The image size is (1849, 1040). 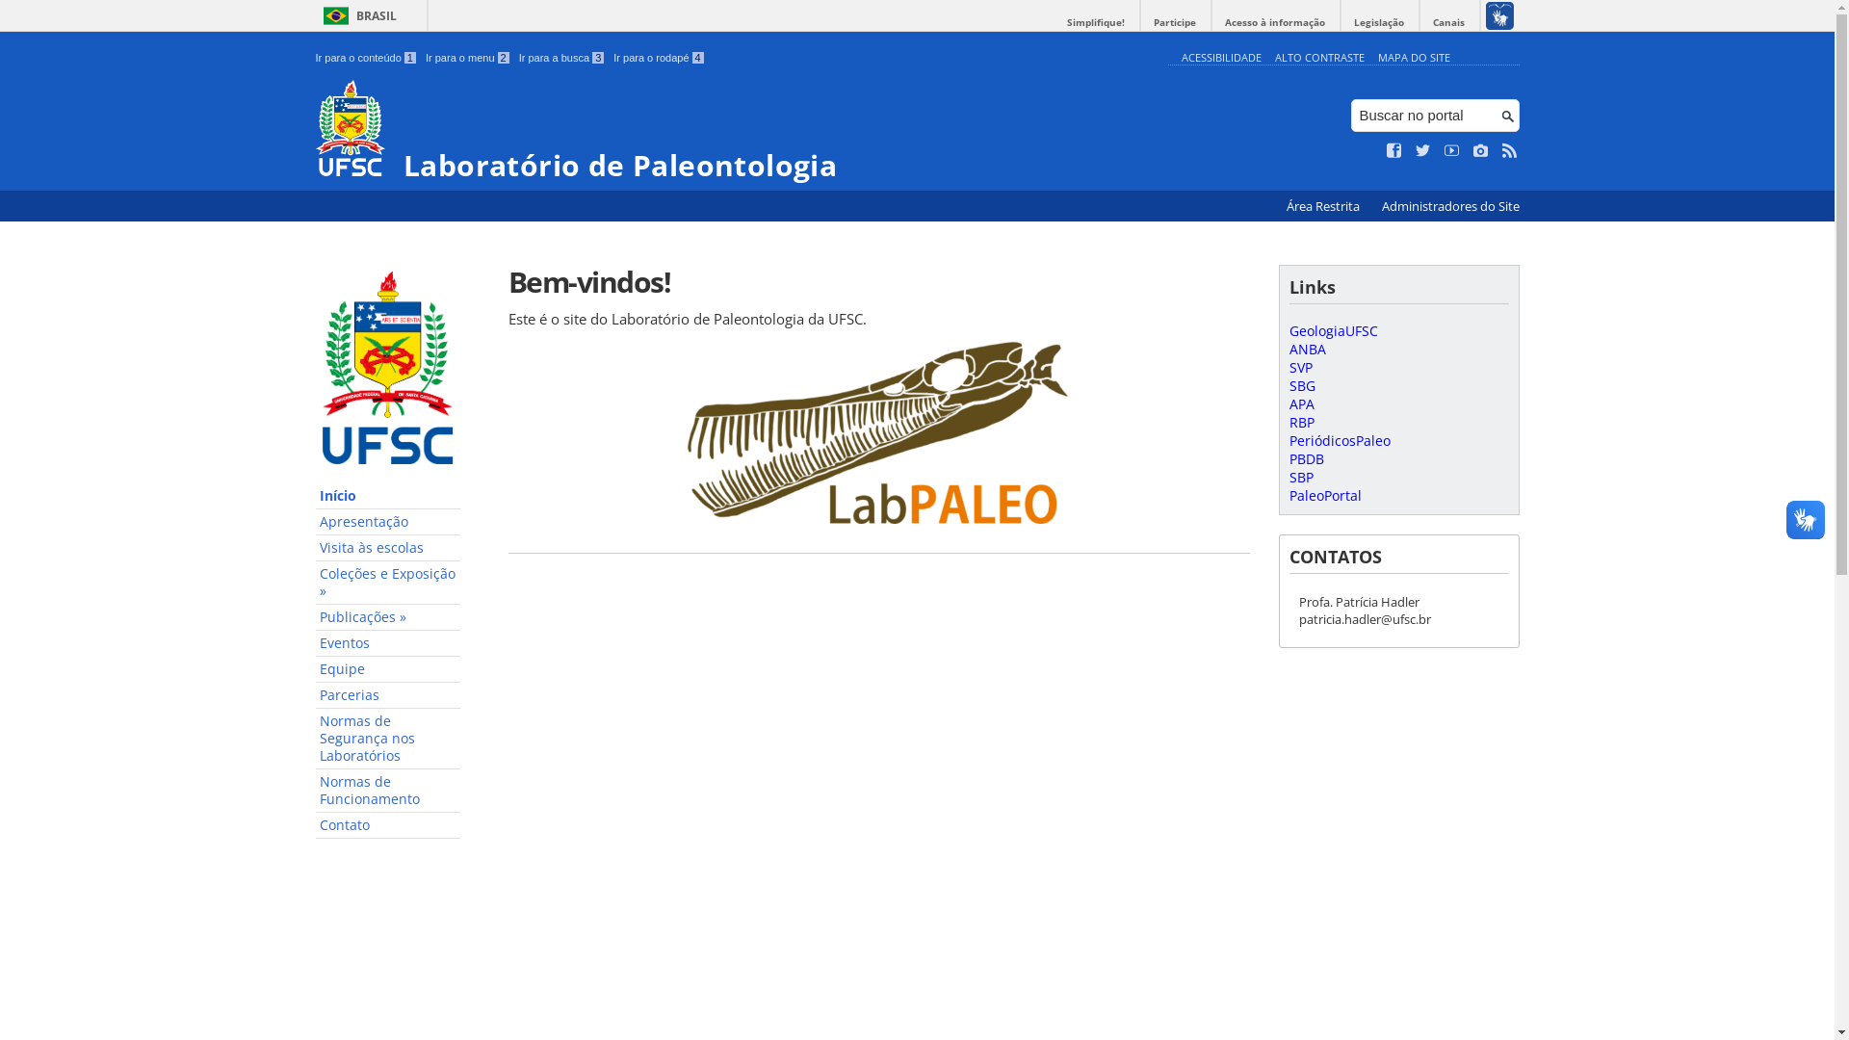 I want to click on 'GeologiaUFSC', so click(x=1331, y=329).